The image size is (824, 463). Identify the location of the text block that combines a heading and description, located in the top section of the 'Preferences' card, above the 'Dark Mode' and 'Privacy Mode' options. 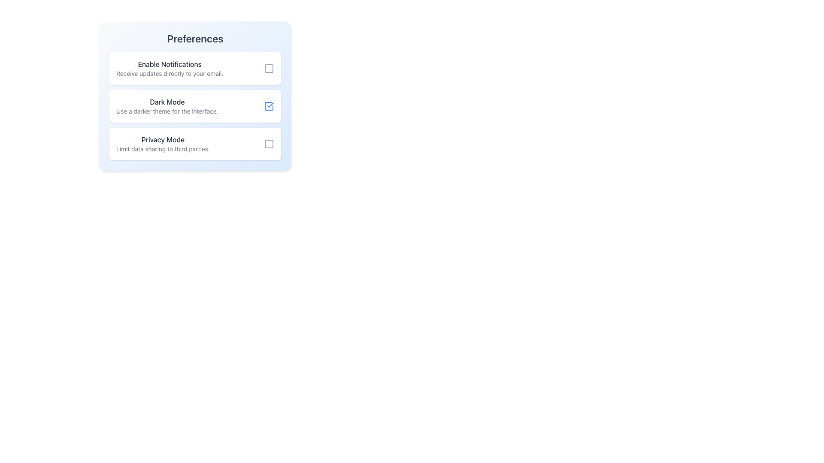
(170, 68).